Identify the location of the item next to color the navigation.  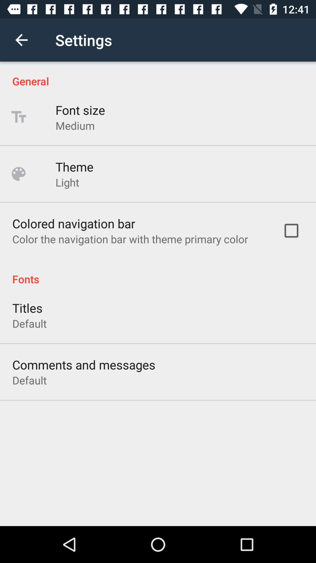
(291, 230).